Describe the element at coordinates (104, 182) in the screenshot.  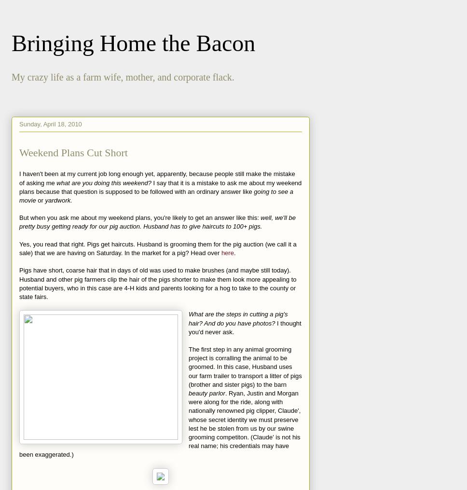
I see `'what are you doing this weekend?'` at that location.